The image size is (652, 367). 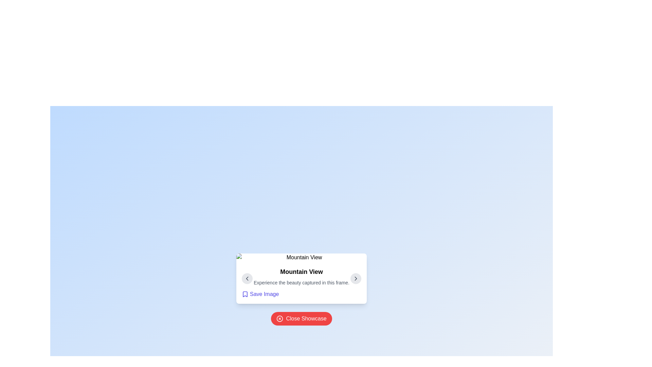 I want to click on the descriptive text element that provides supplementary information, located centrally within the main content area, following 'Mountain View' and preceding the 'Save Image' link, so click(x=301, y=283).